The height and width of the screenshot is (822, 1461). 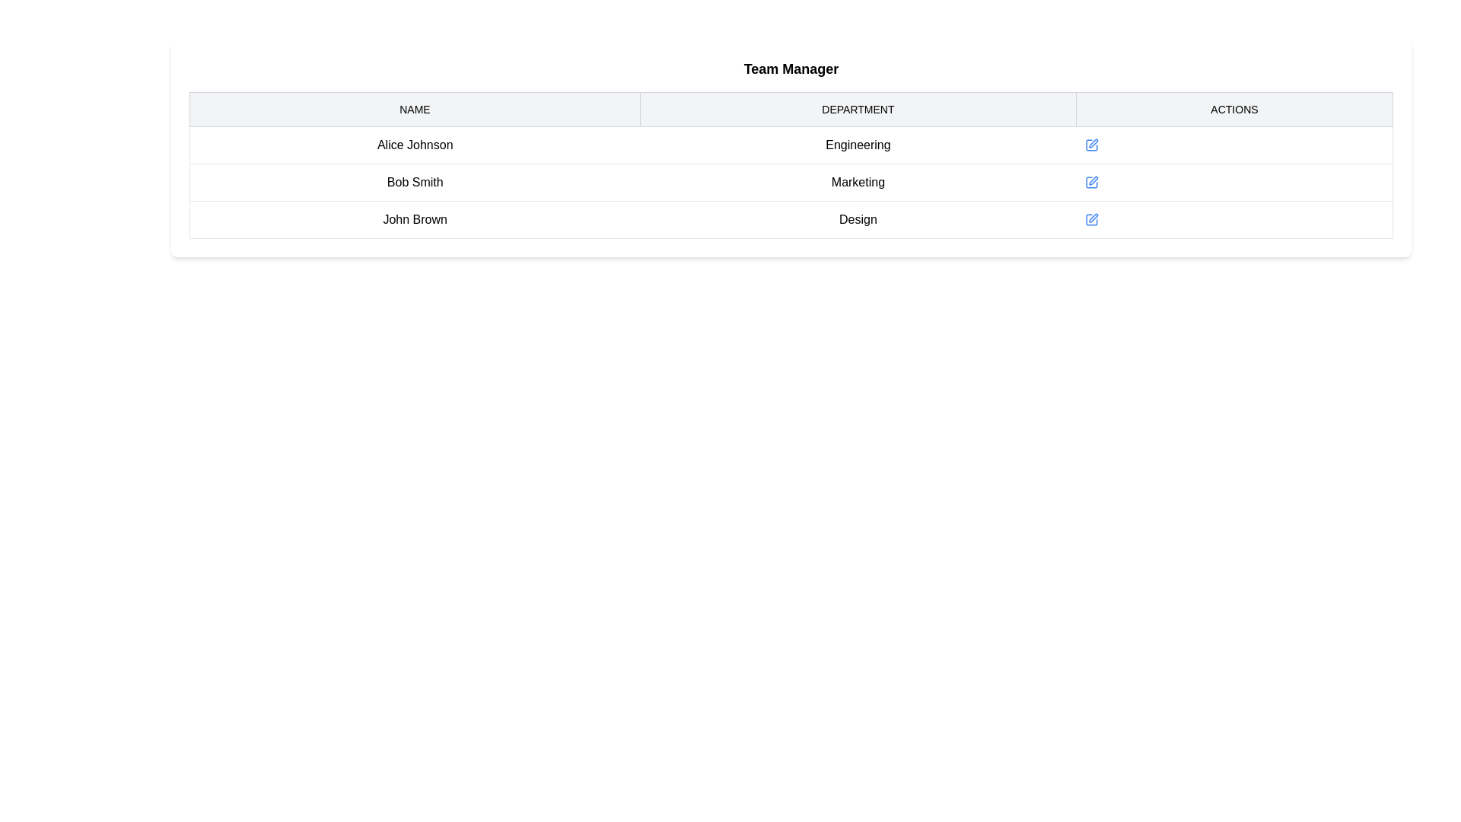 What do you see at coordinates (1092, 217) in the screenshot?
I see `the blue pen icon in the Actions column of the last row corresponding to the Design department to initiate the edit action` at bounding box center [1092, 217].